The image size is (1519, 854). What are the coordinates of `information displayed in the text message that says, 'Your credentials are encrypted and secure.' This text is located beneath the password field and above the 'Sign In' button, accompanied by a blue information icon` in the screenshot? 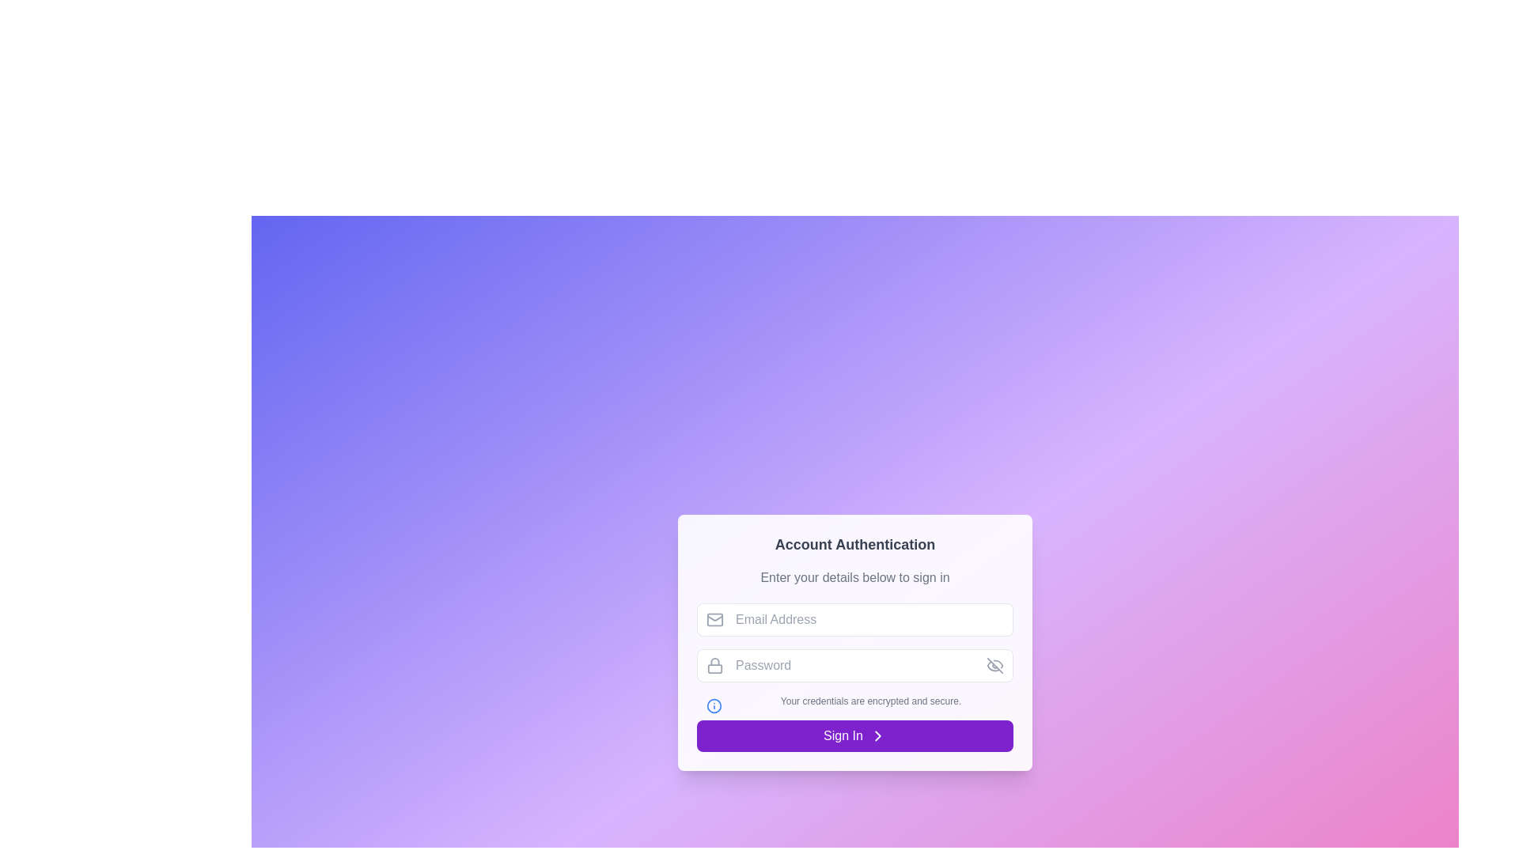 It's located at (854, 701).